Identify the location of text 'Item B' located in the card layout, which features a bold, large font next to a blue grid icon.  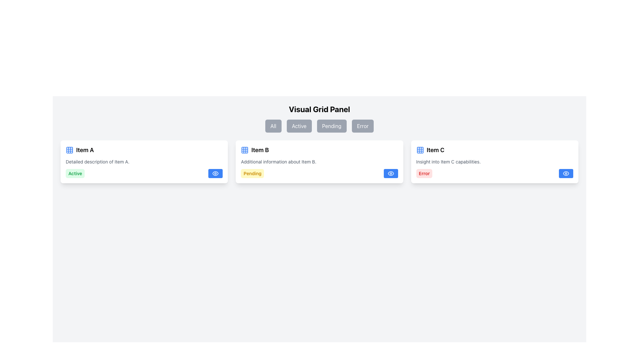
(255, 150).